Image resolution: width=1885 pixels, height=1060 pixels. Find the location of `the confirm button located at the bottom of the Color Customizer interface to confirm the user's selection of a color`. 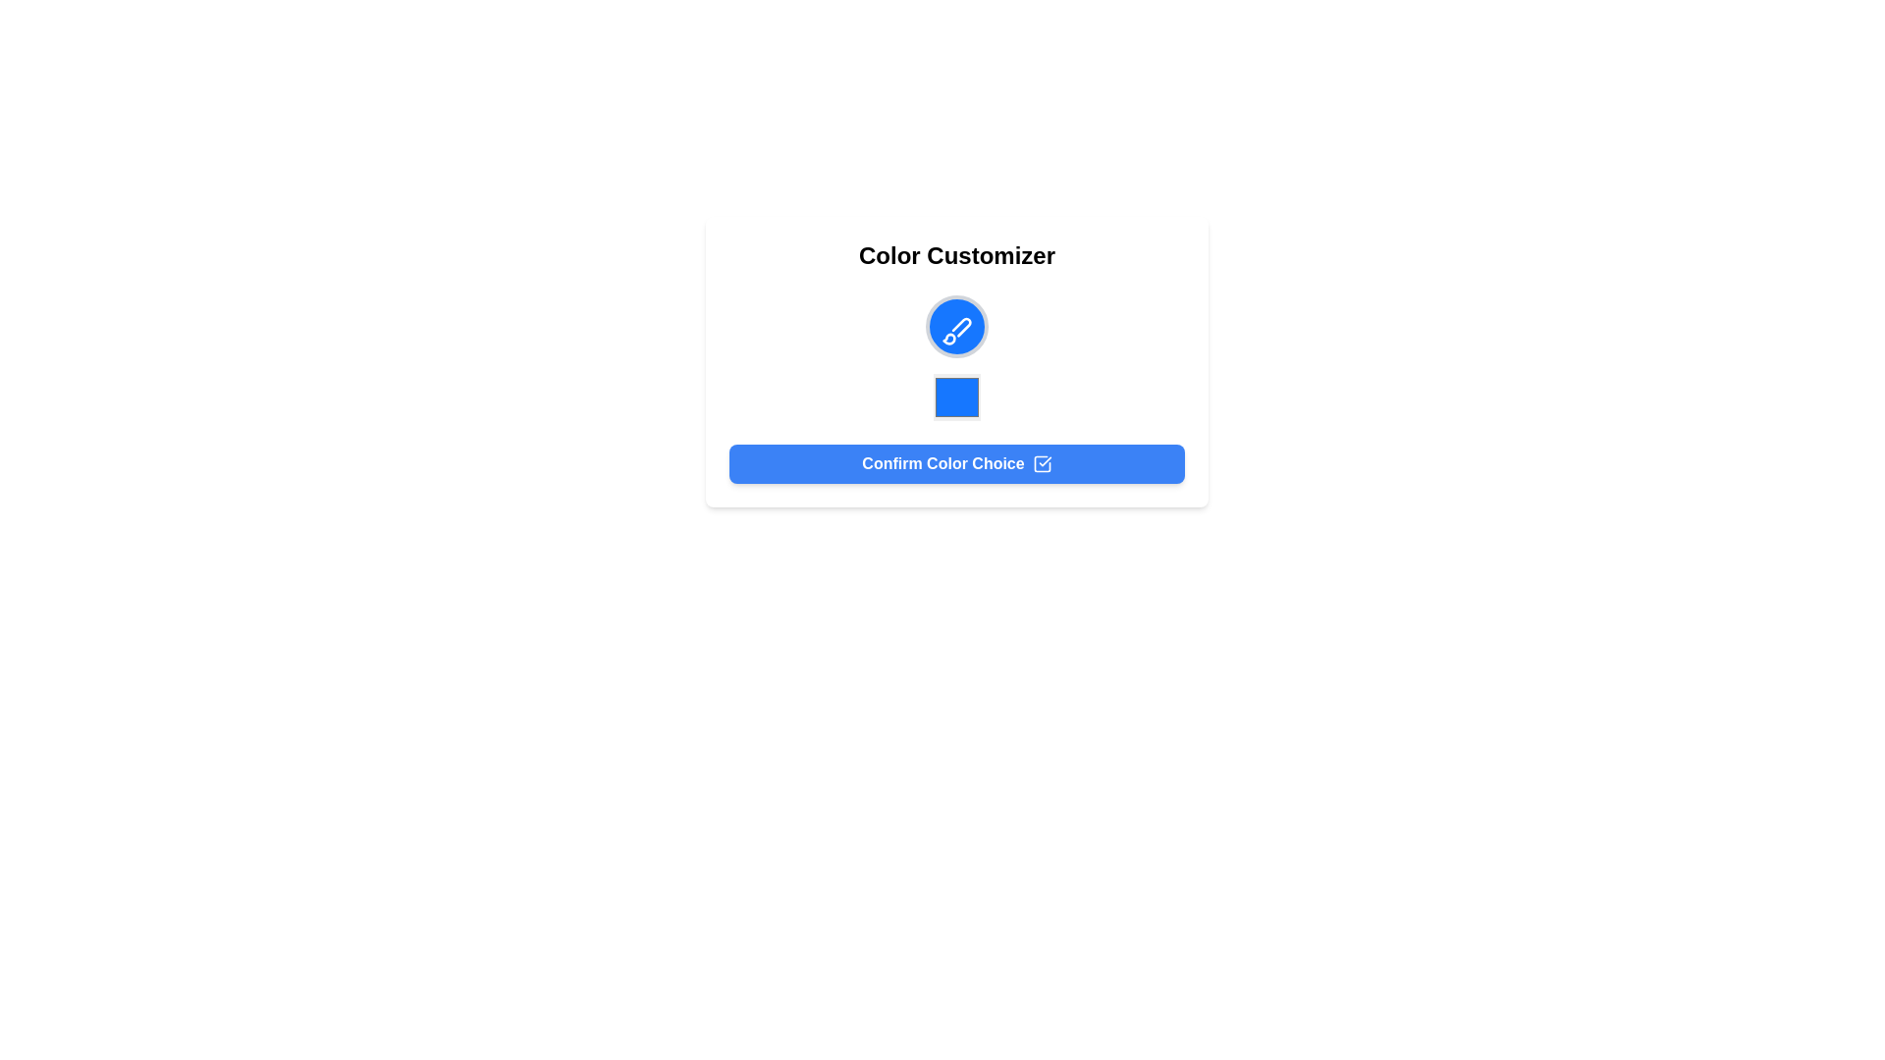

the confirm button located at the bottom of the Color Customizer interface to confirm the user's selection of a color is located at coordinates (956, 464).